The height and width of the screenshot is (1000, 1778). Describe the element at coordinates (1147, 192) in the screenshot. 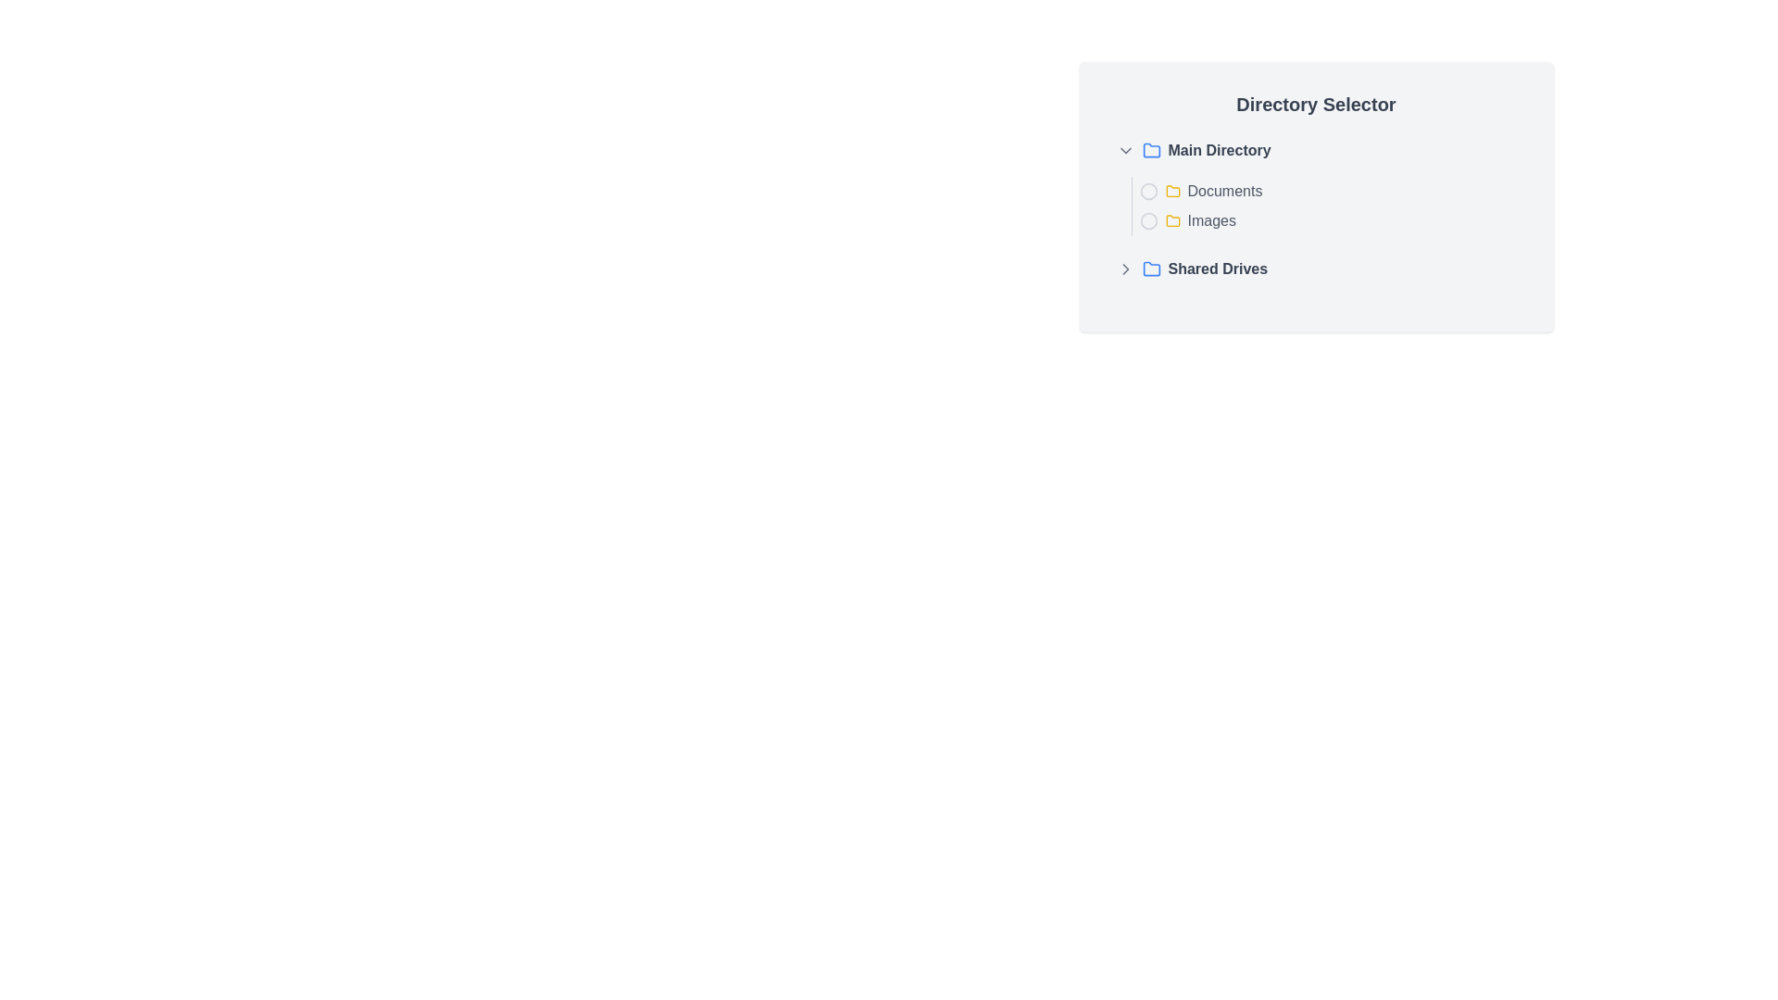

I see `the interactive marker icon` at that location.